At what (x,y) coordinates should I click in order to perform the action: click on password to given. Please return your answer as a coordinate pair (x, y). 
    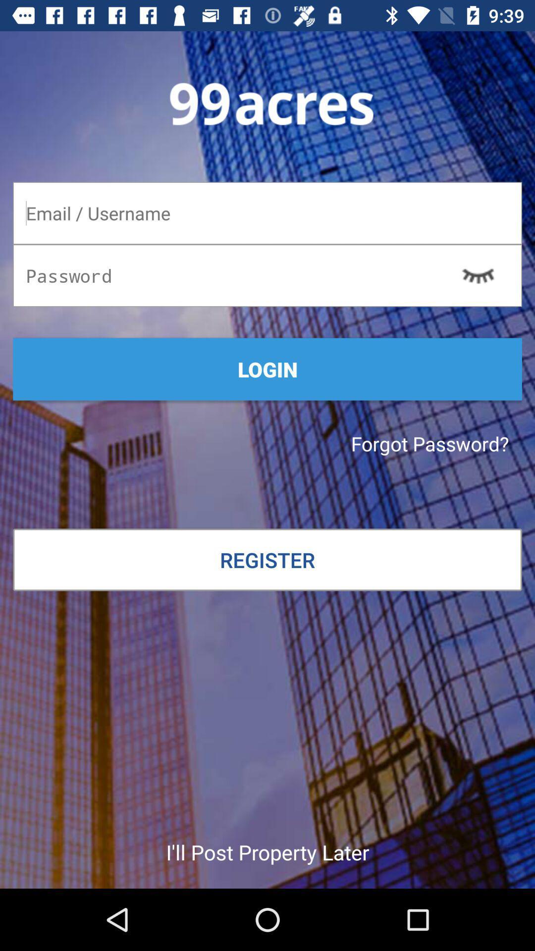
    Looking at the image, I should click on (267, 275).